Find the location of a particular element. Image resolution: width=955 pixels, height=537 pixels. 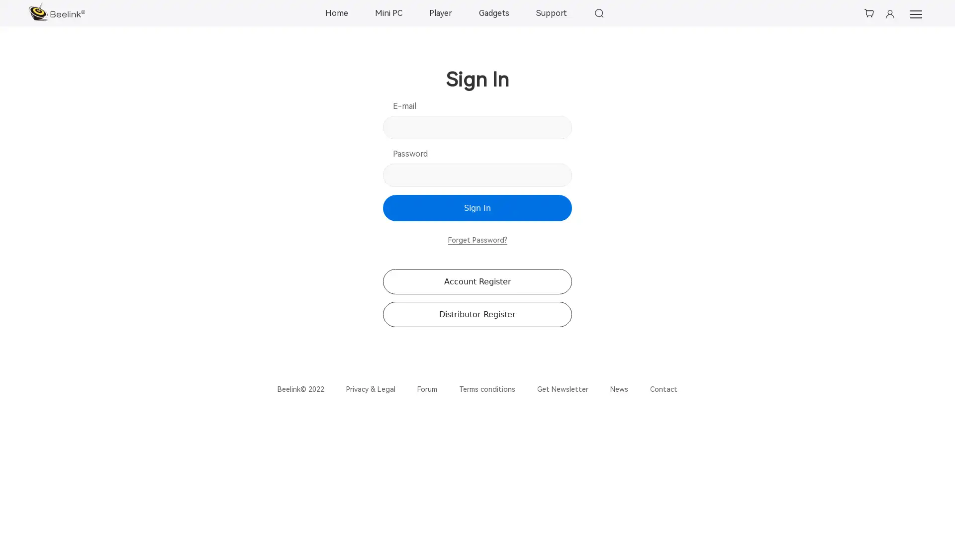

Distributor Register is located at coordinates (477, 314).